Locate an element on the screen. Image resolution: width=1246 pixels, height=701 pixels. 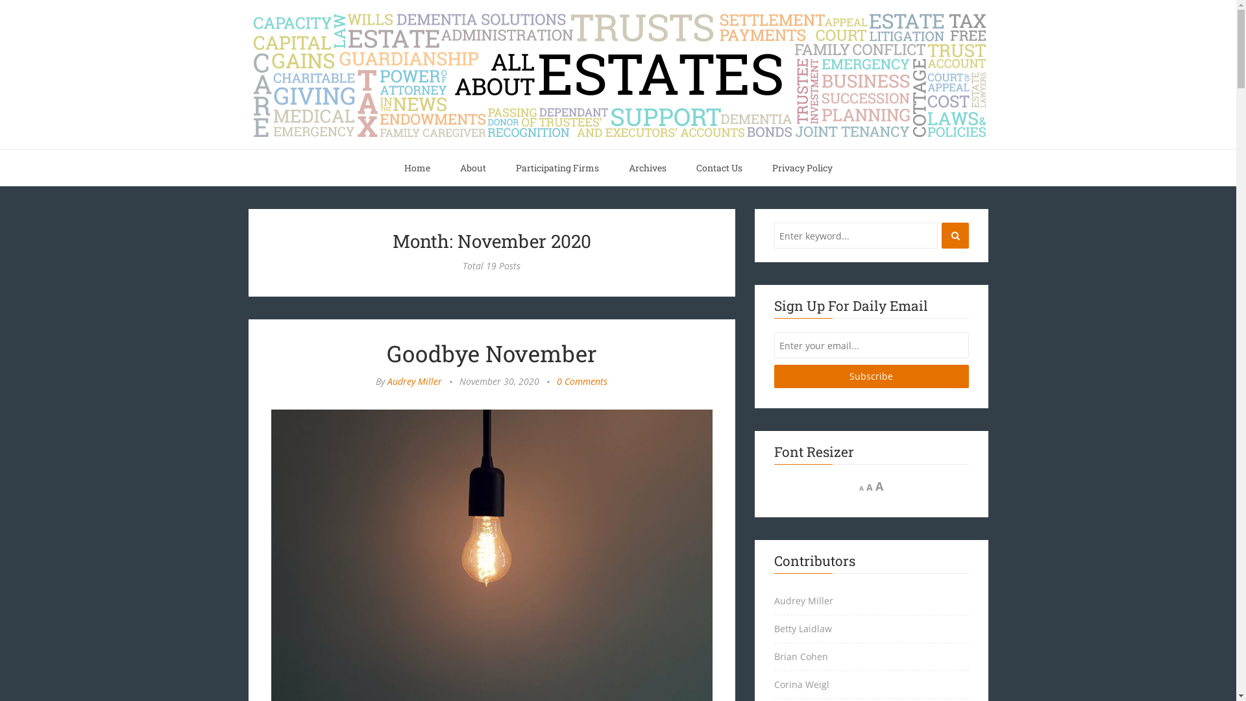
'Goodbye November' is located at coordinates (491, 352).